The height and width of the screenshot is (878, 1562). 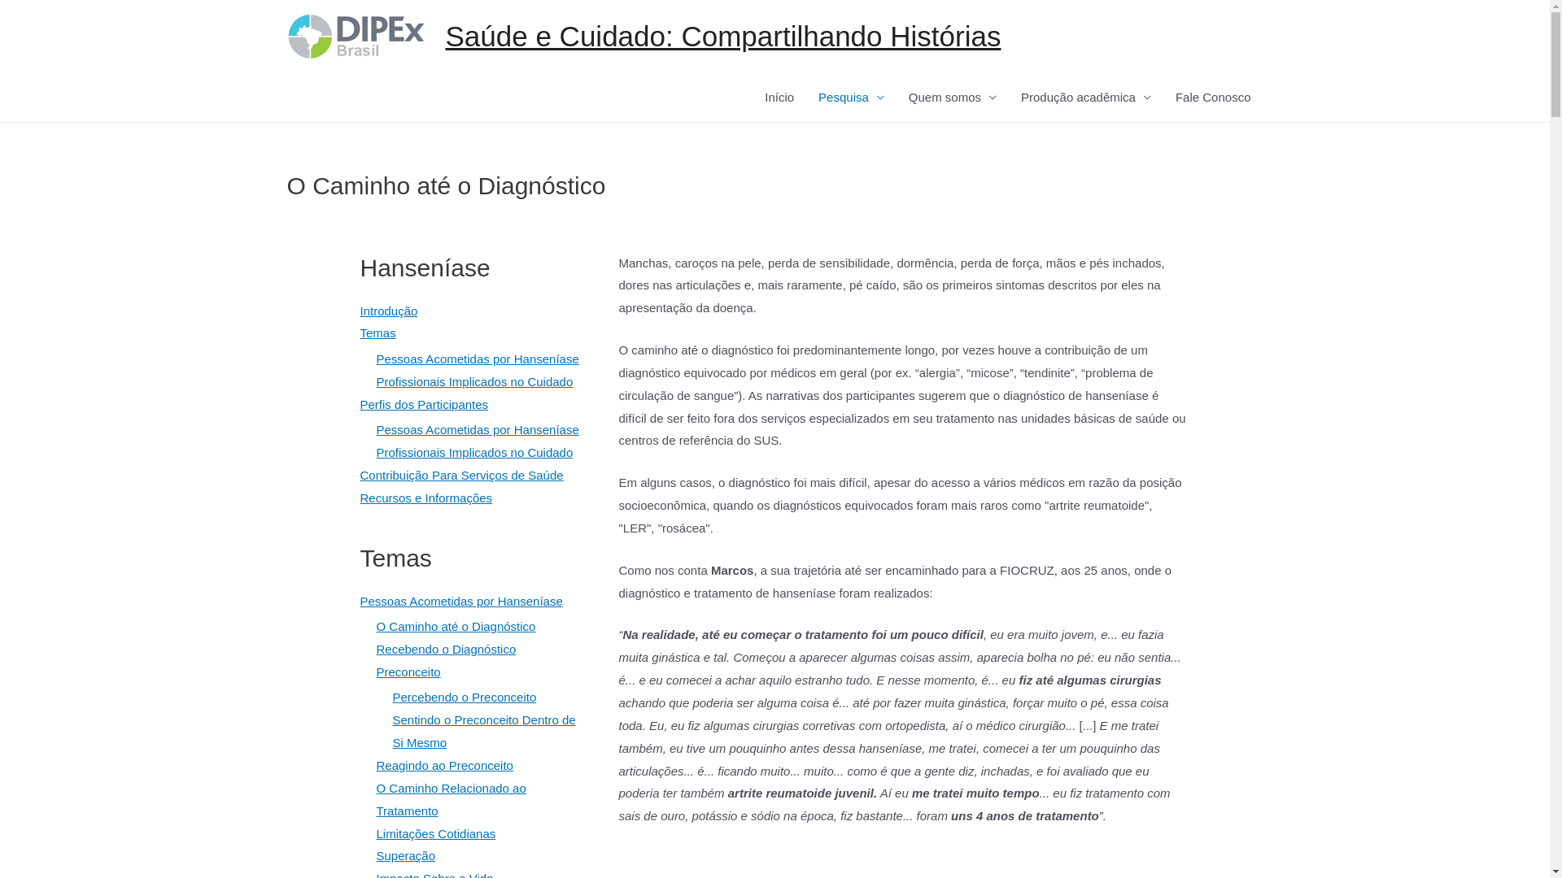 I want to click on 'Pesquisa', so click(x=850, y=97).